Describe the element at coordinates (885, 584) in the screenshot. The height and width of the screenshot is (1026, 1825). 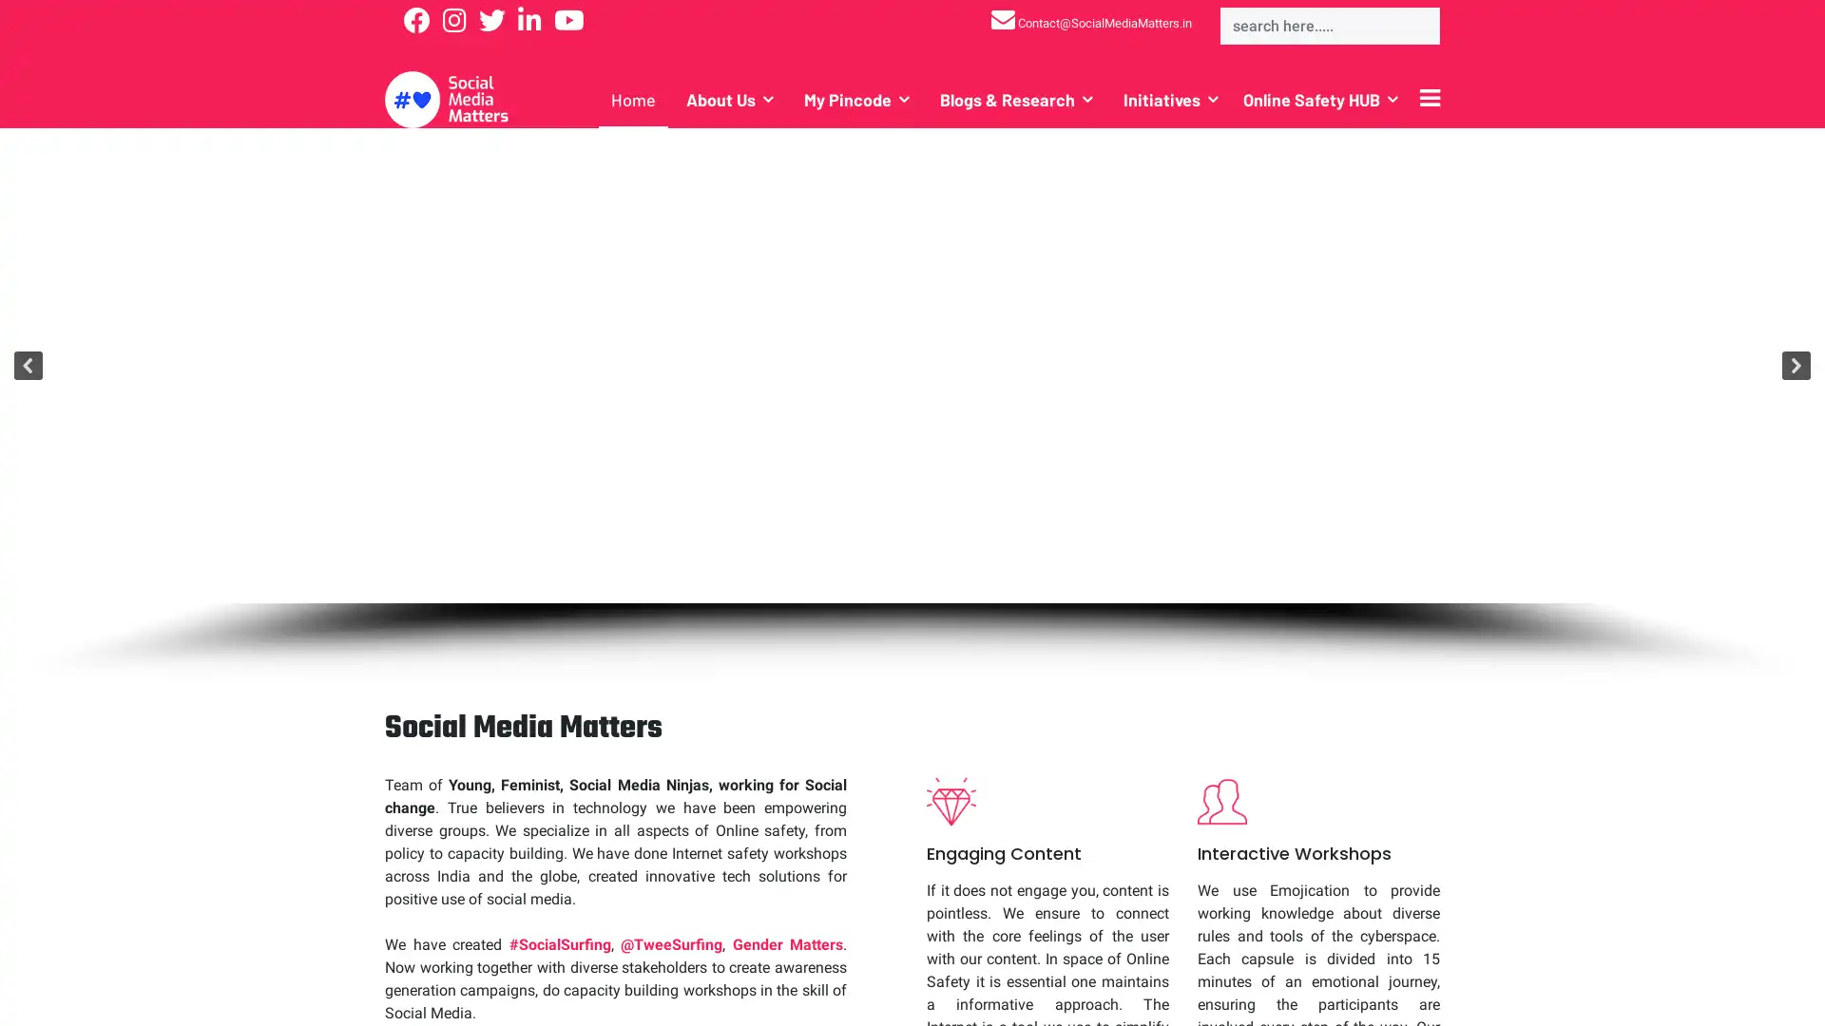
I see `HashTag-Ladakh` at that location.